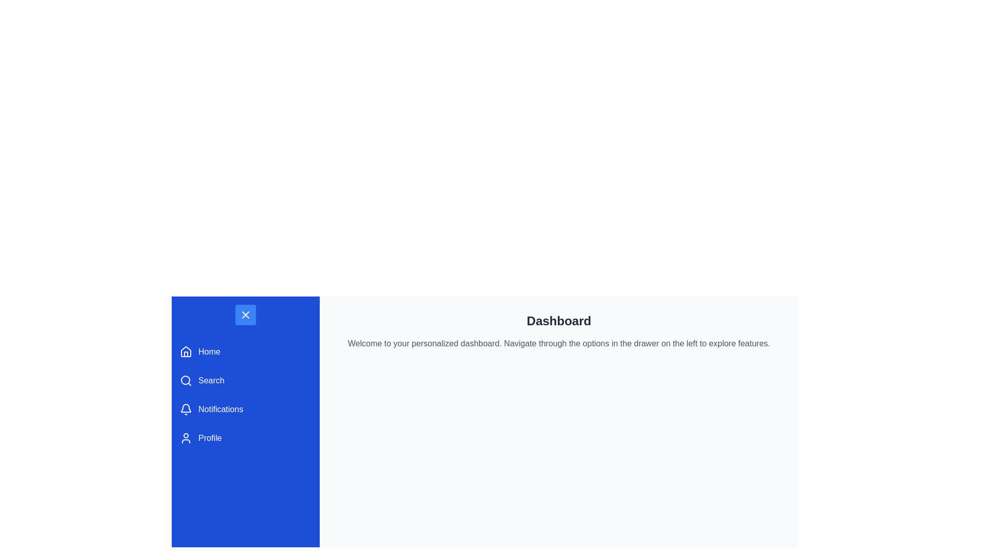 Image resolution: width=987 pixels, height=555 pixels. I want to click on the 'Search' button with a blue background, which is the second item in the vertical navigation menu, so click(245, 380).